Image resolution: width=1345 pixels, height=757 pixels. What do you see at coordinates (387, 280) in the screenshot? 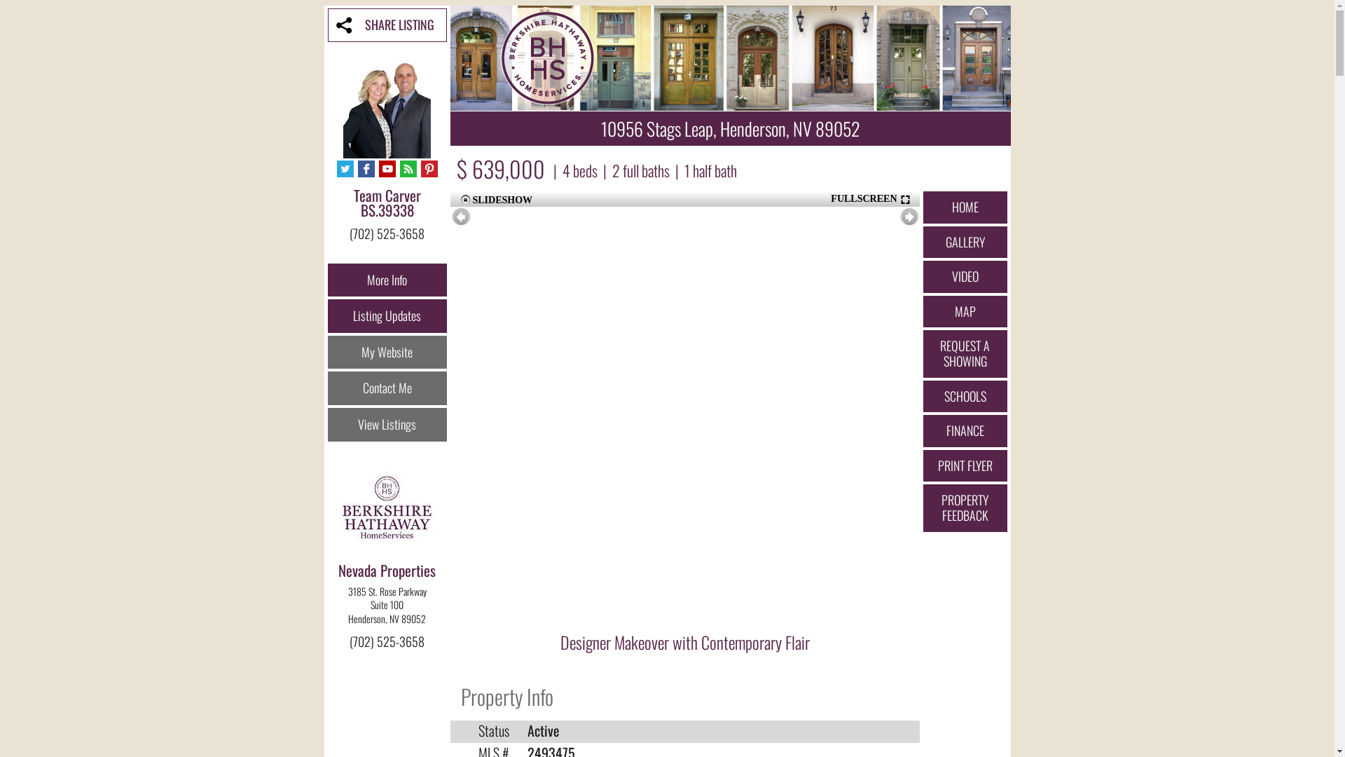
I see `'More Info'` at bounding box center [387, 280].